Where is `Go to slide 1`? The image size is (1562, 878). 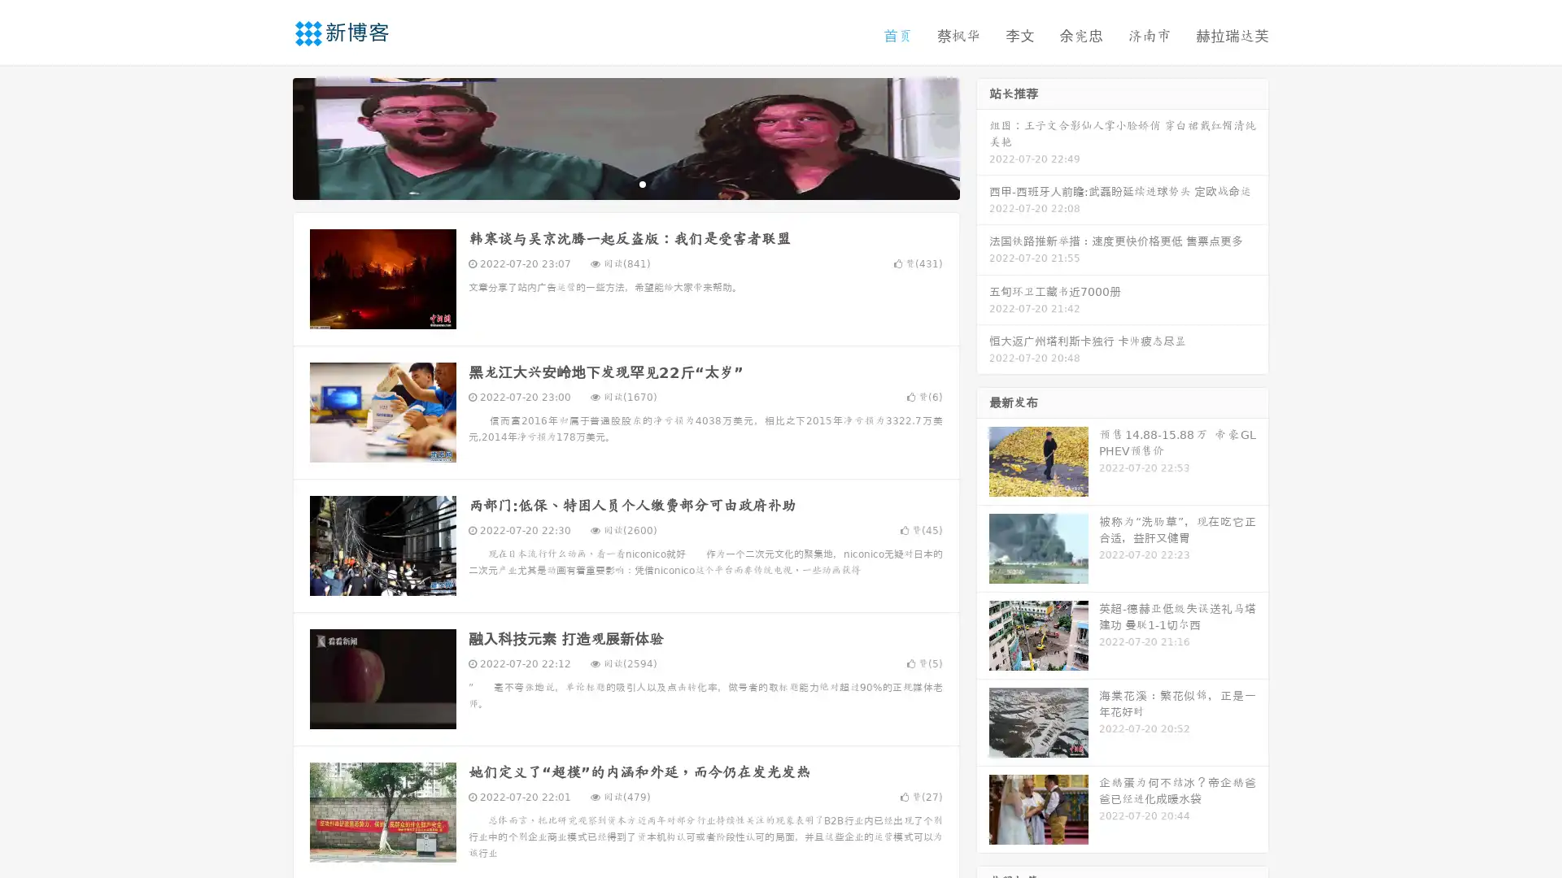 Go to slide 1 is located at coordinates (609, 183).